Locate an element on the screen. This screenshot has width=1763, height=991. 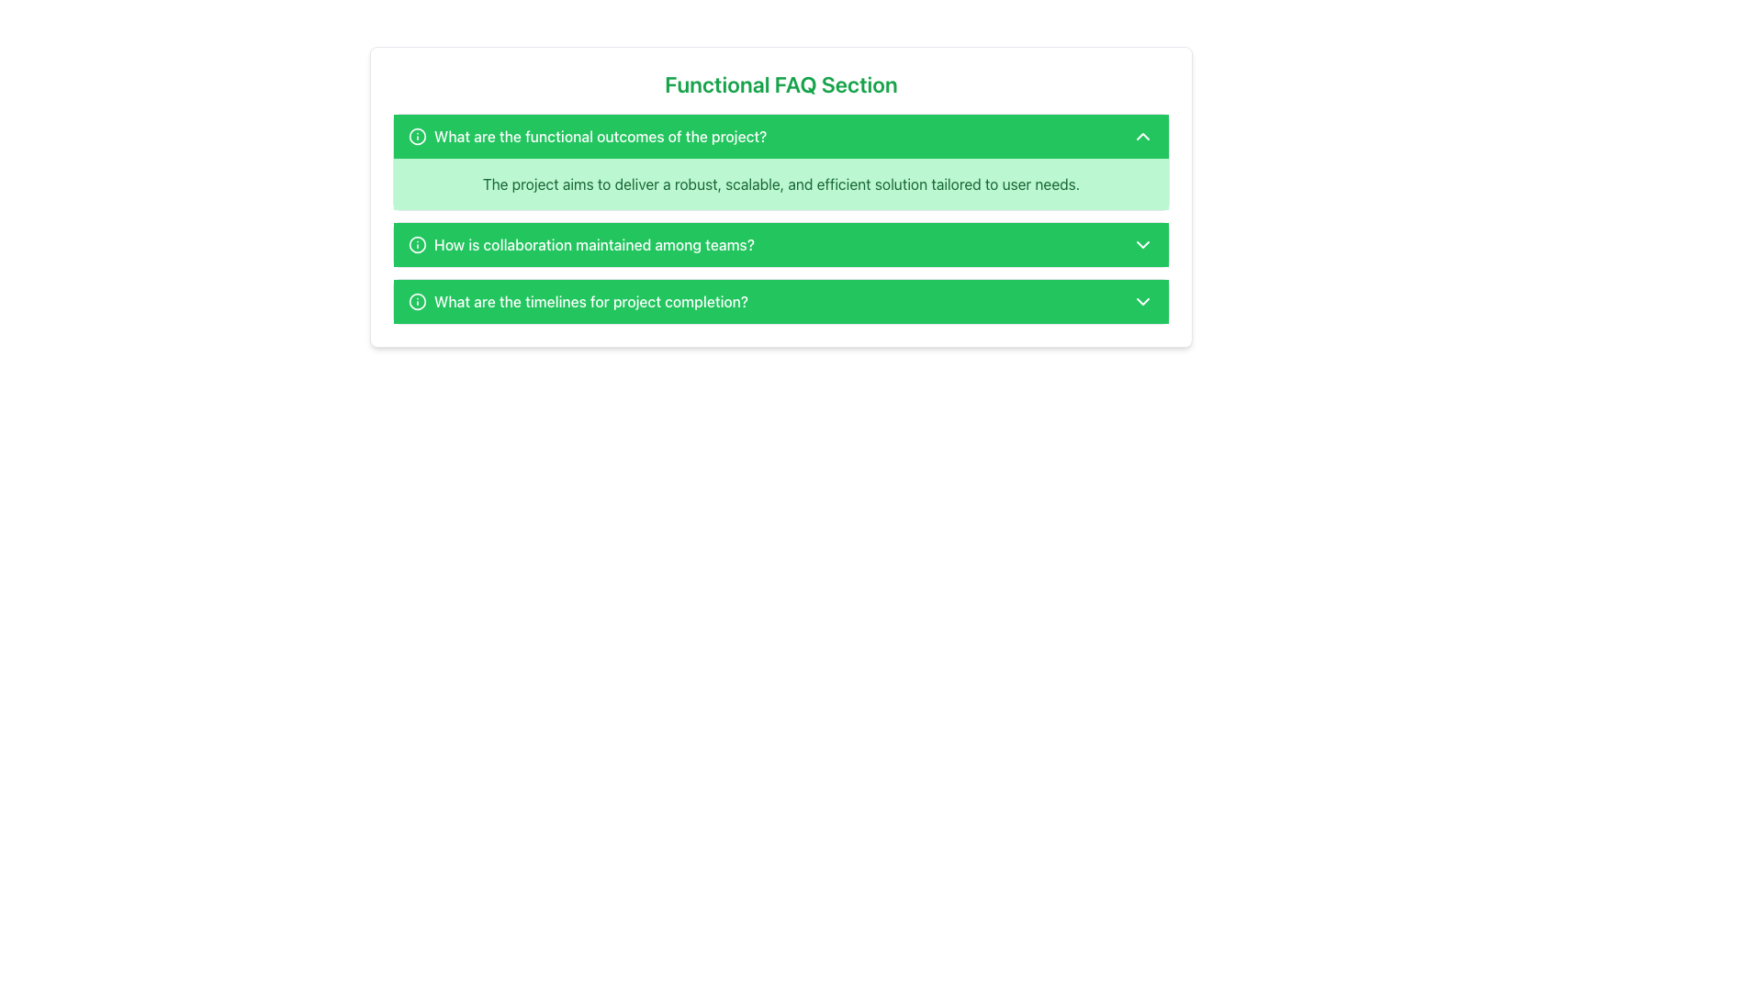
the circular outlined information icon with an 'i' symbol inside, located to the left of the question text in the first row of the accordion-like list, to understand its contextual meaning is located at coordinates (417, 136).